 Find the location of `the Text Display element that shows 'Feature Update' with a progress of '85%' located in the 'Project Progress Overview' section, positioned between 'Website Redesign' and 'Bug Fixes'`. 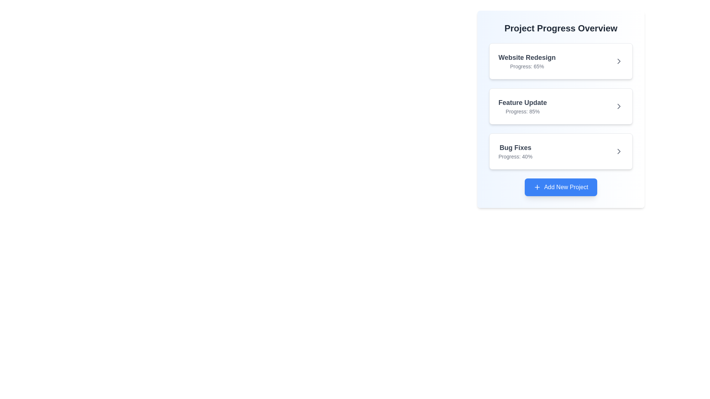

the Text Display element that shows 'Feature Update' with a progress of '85%' located in the 'Project Progress Overview' section, positioned between 'Website Redesign' and 'Bug Fixes' is located at coordinates (522, 106).